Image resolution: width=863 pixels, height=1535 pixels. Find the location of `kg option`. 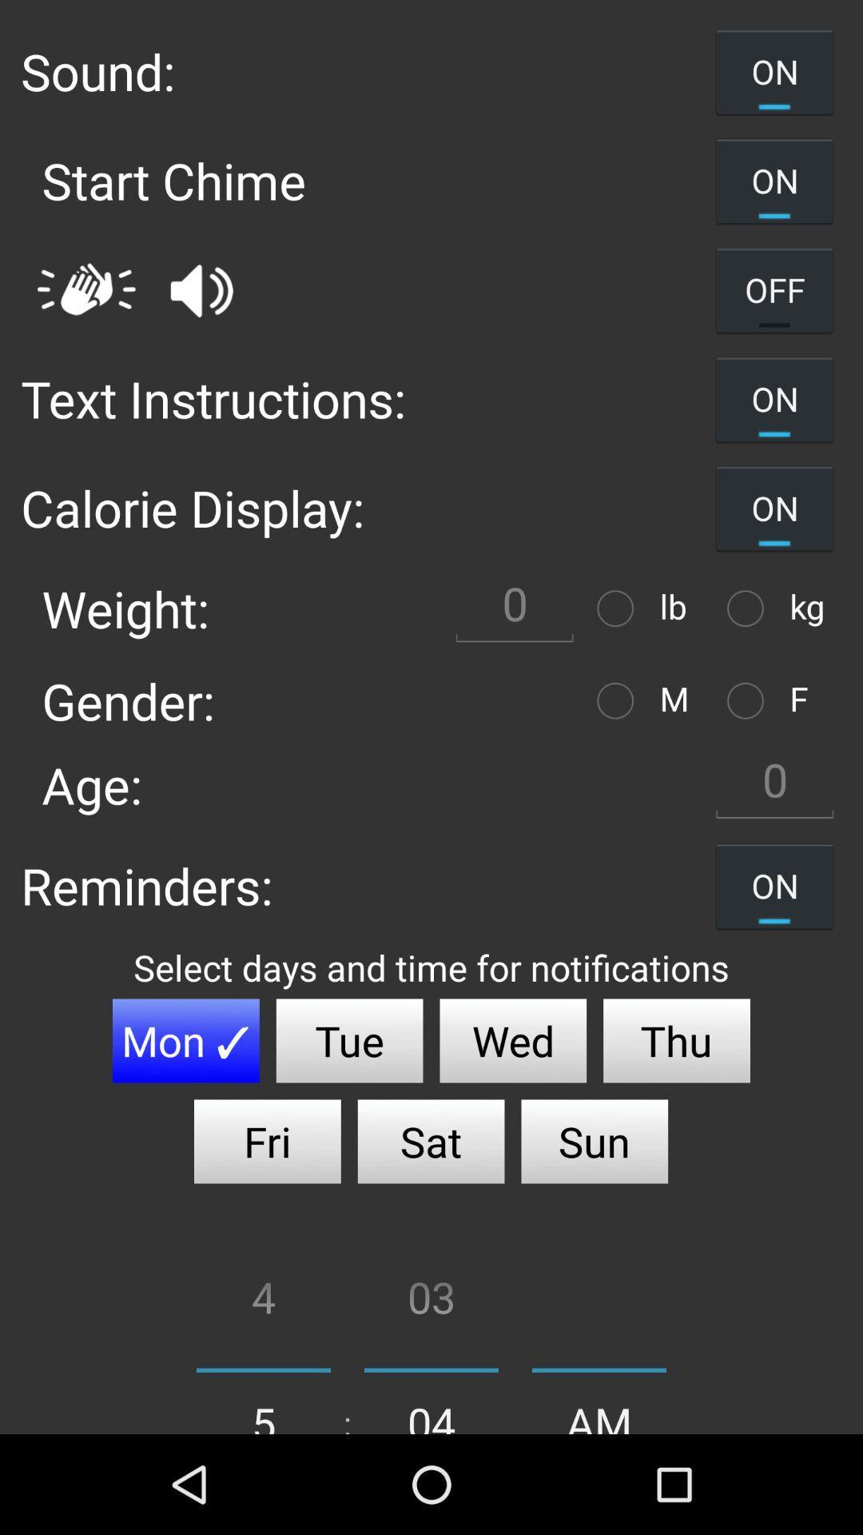

kg option is located at coordinates (750, 608).